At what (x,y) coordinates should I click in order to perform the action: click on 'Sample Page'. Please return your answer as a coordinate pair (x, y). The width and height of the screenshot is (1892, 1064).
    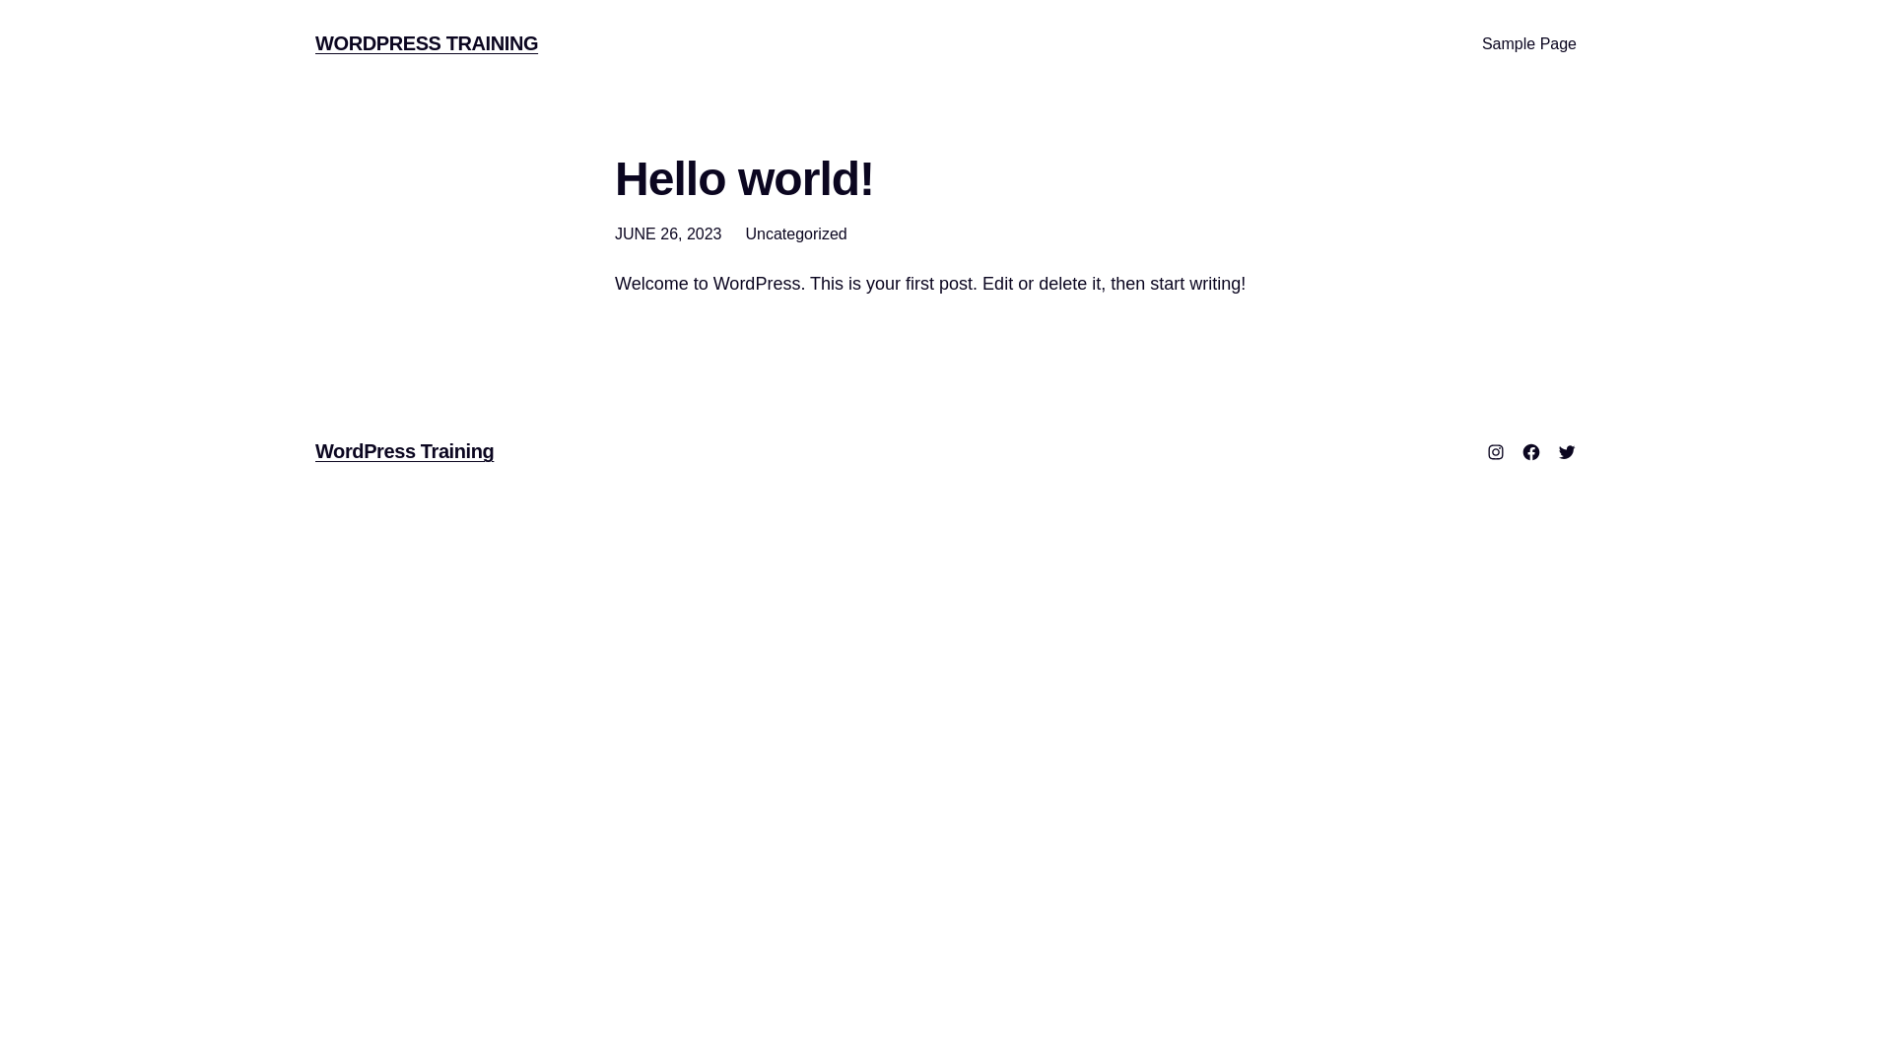
    Looking at the image, I should click on (1527, 44).